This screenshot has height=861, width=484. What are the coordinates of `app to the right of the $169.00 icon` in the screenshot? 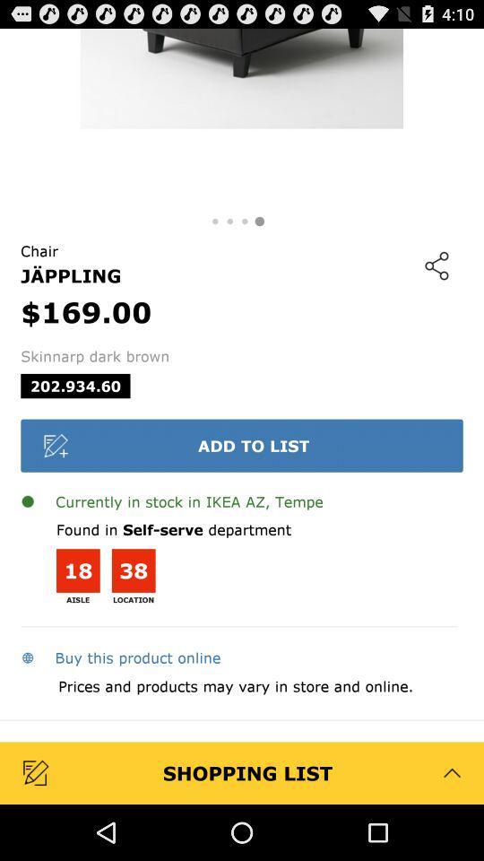 It's located at (436, 265).